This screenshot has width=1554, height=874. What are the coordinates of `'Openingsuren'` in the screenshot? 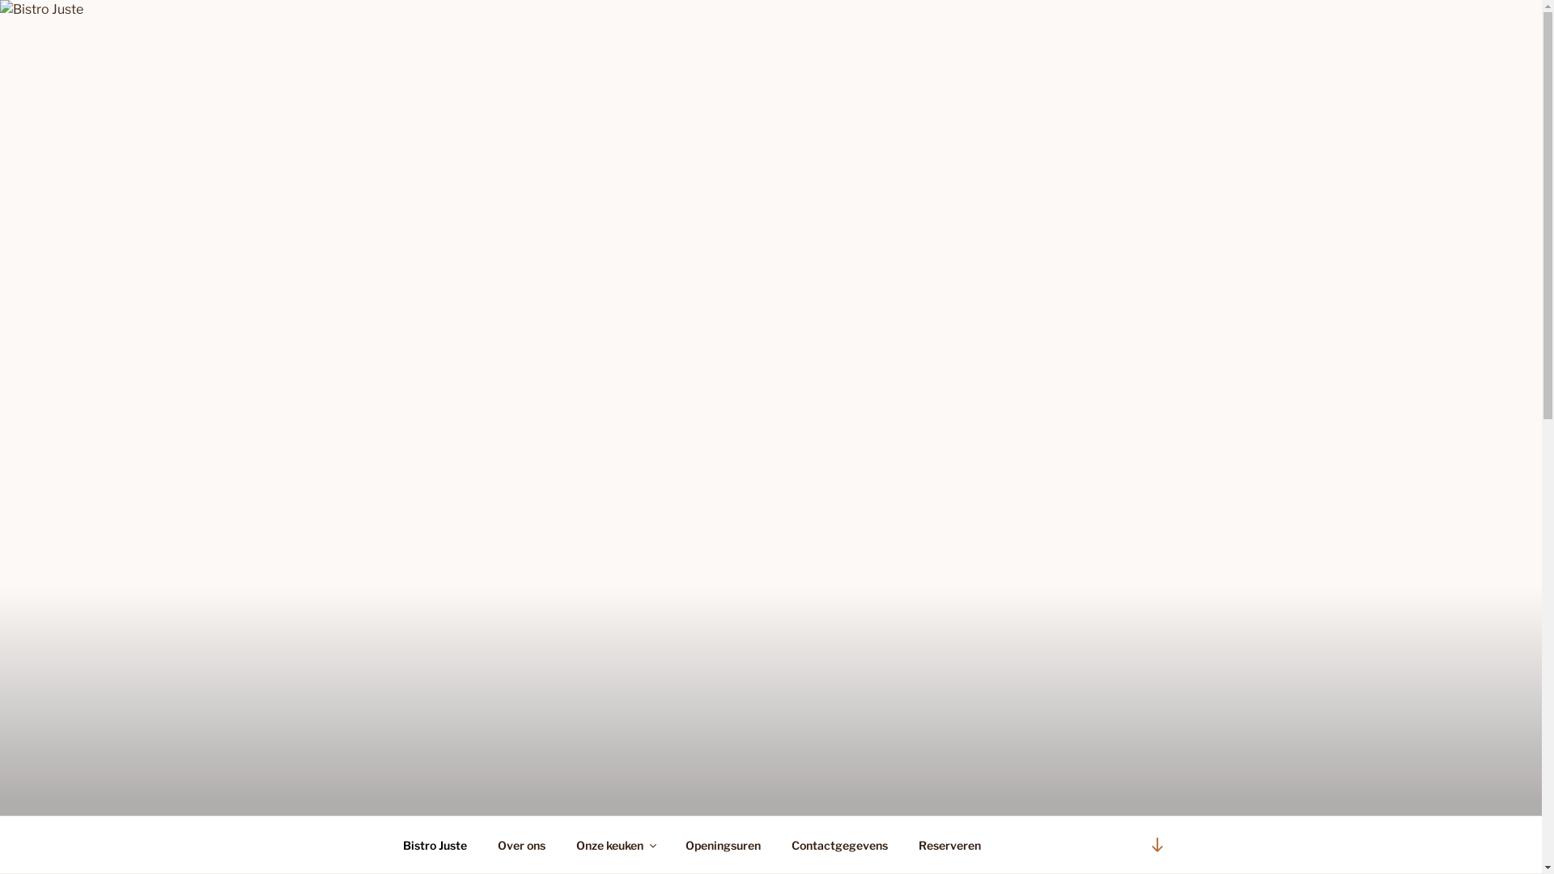 It's located at (672, 844).